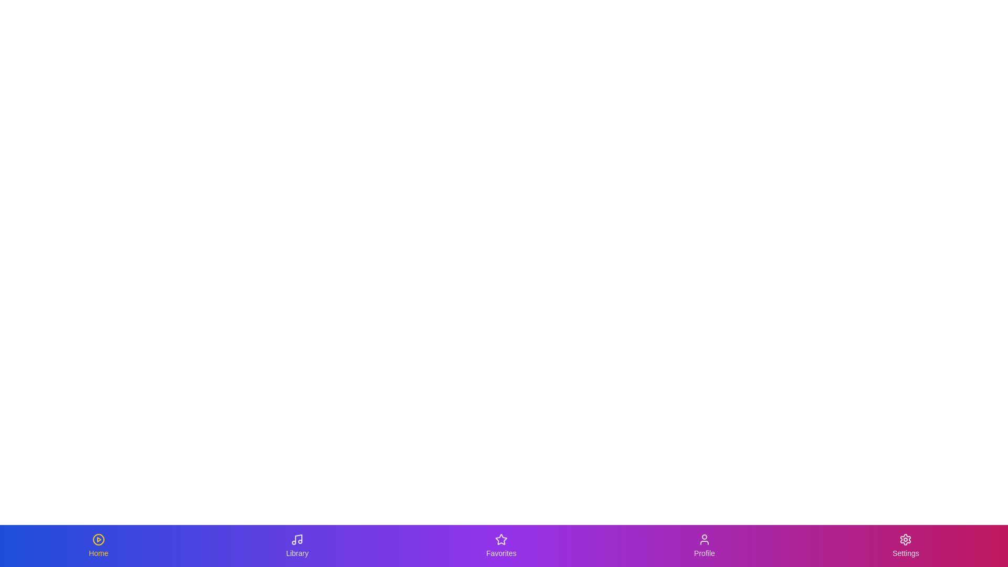  What do you see at coordinates (297, 545) in the screenshot?
I see `the tab labeled Library to observe its animation` at bounding box center [297, 545].